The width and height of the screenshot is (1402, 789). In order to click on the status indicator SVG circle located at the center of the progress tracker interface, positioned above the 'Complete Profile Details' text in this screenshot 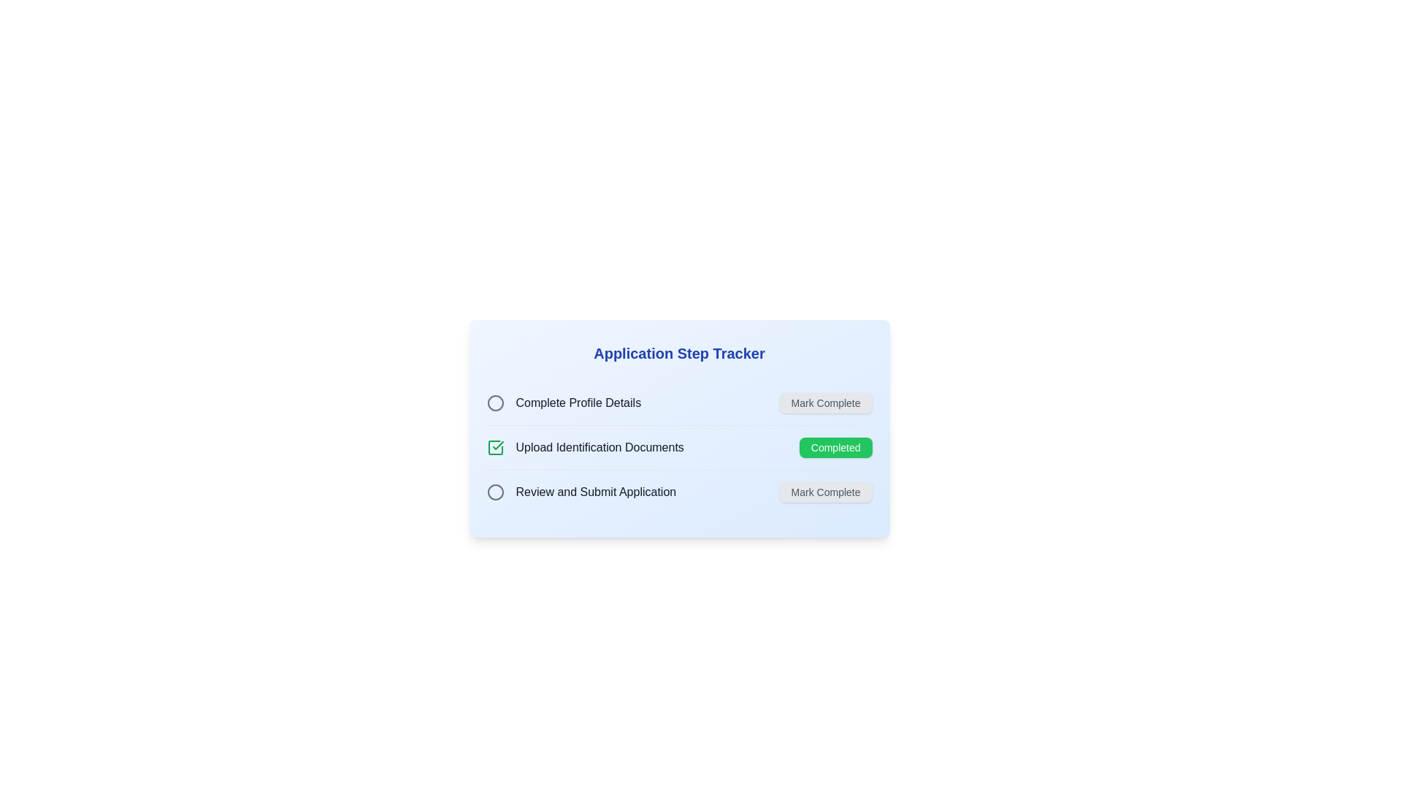, I will do `click(495, 403)`.